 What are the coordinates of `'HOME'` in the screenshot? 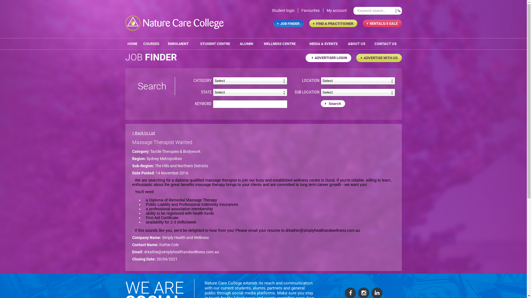 It's located at (132, 43).